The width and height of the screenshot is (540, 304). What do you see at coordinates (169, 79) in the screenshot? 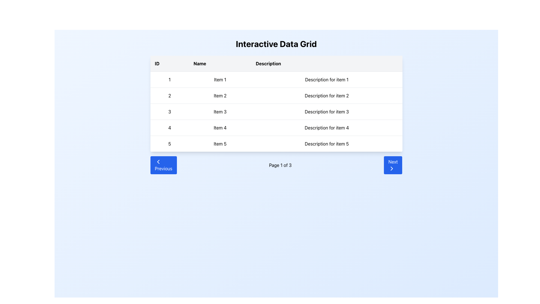
I see `the Text Display element containing the numeric character '1', which is styled in black text on a white background and located in the first row of the grid under the 'ID' column` at bounding box center [169, 79].